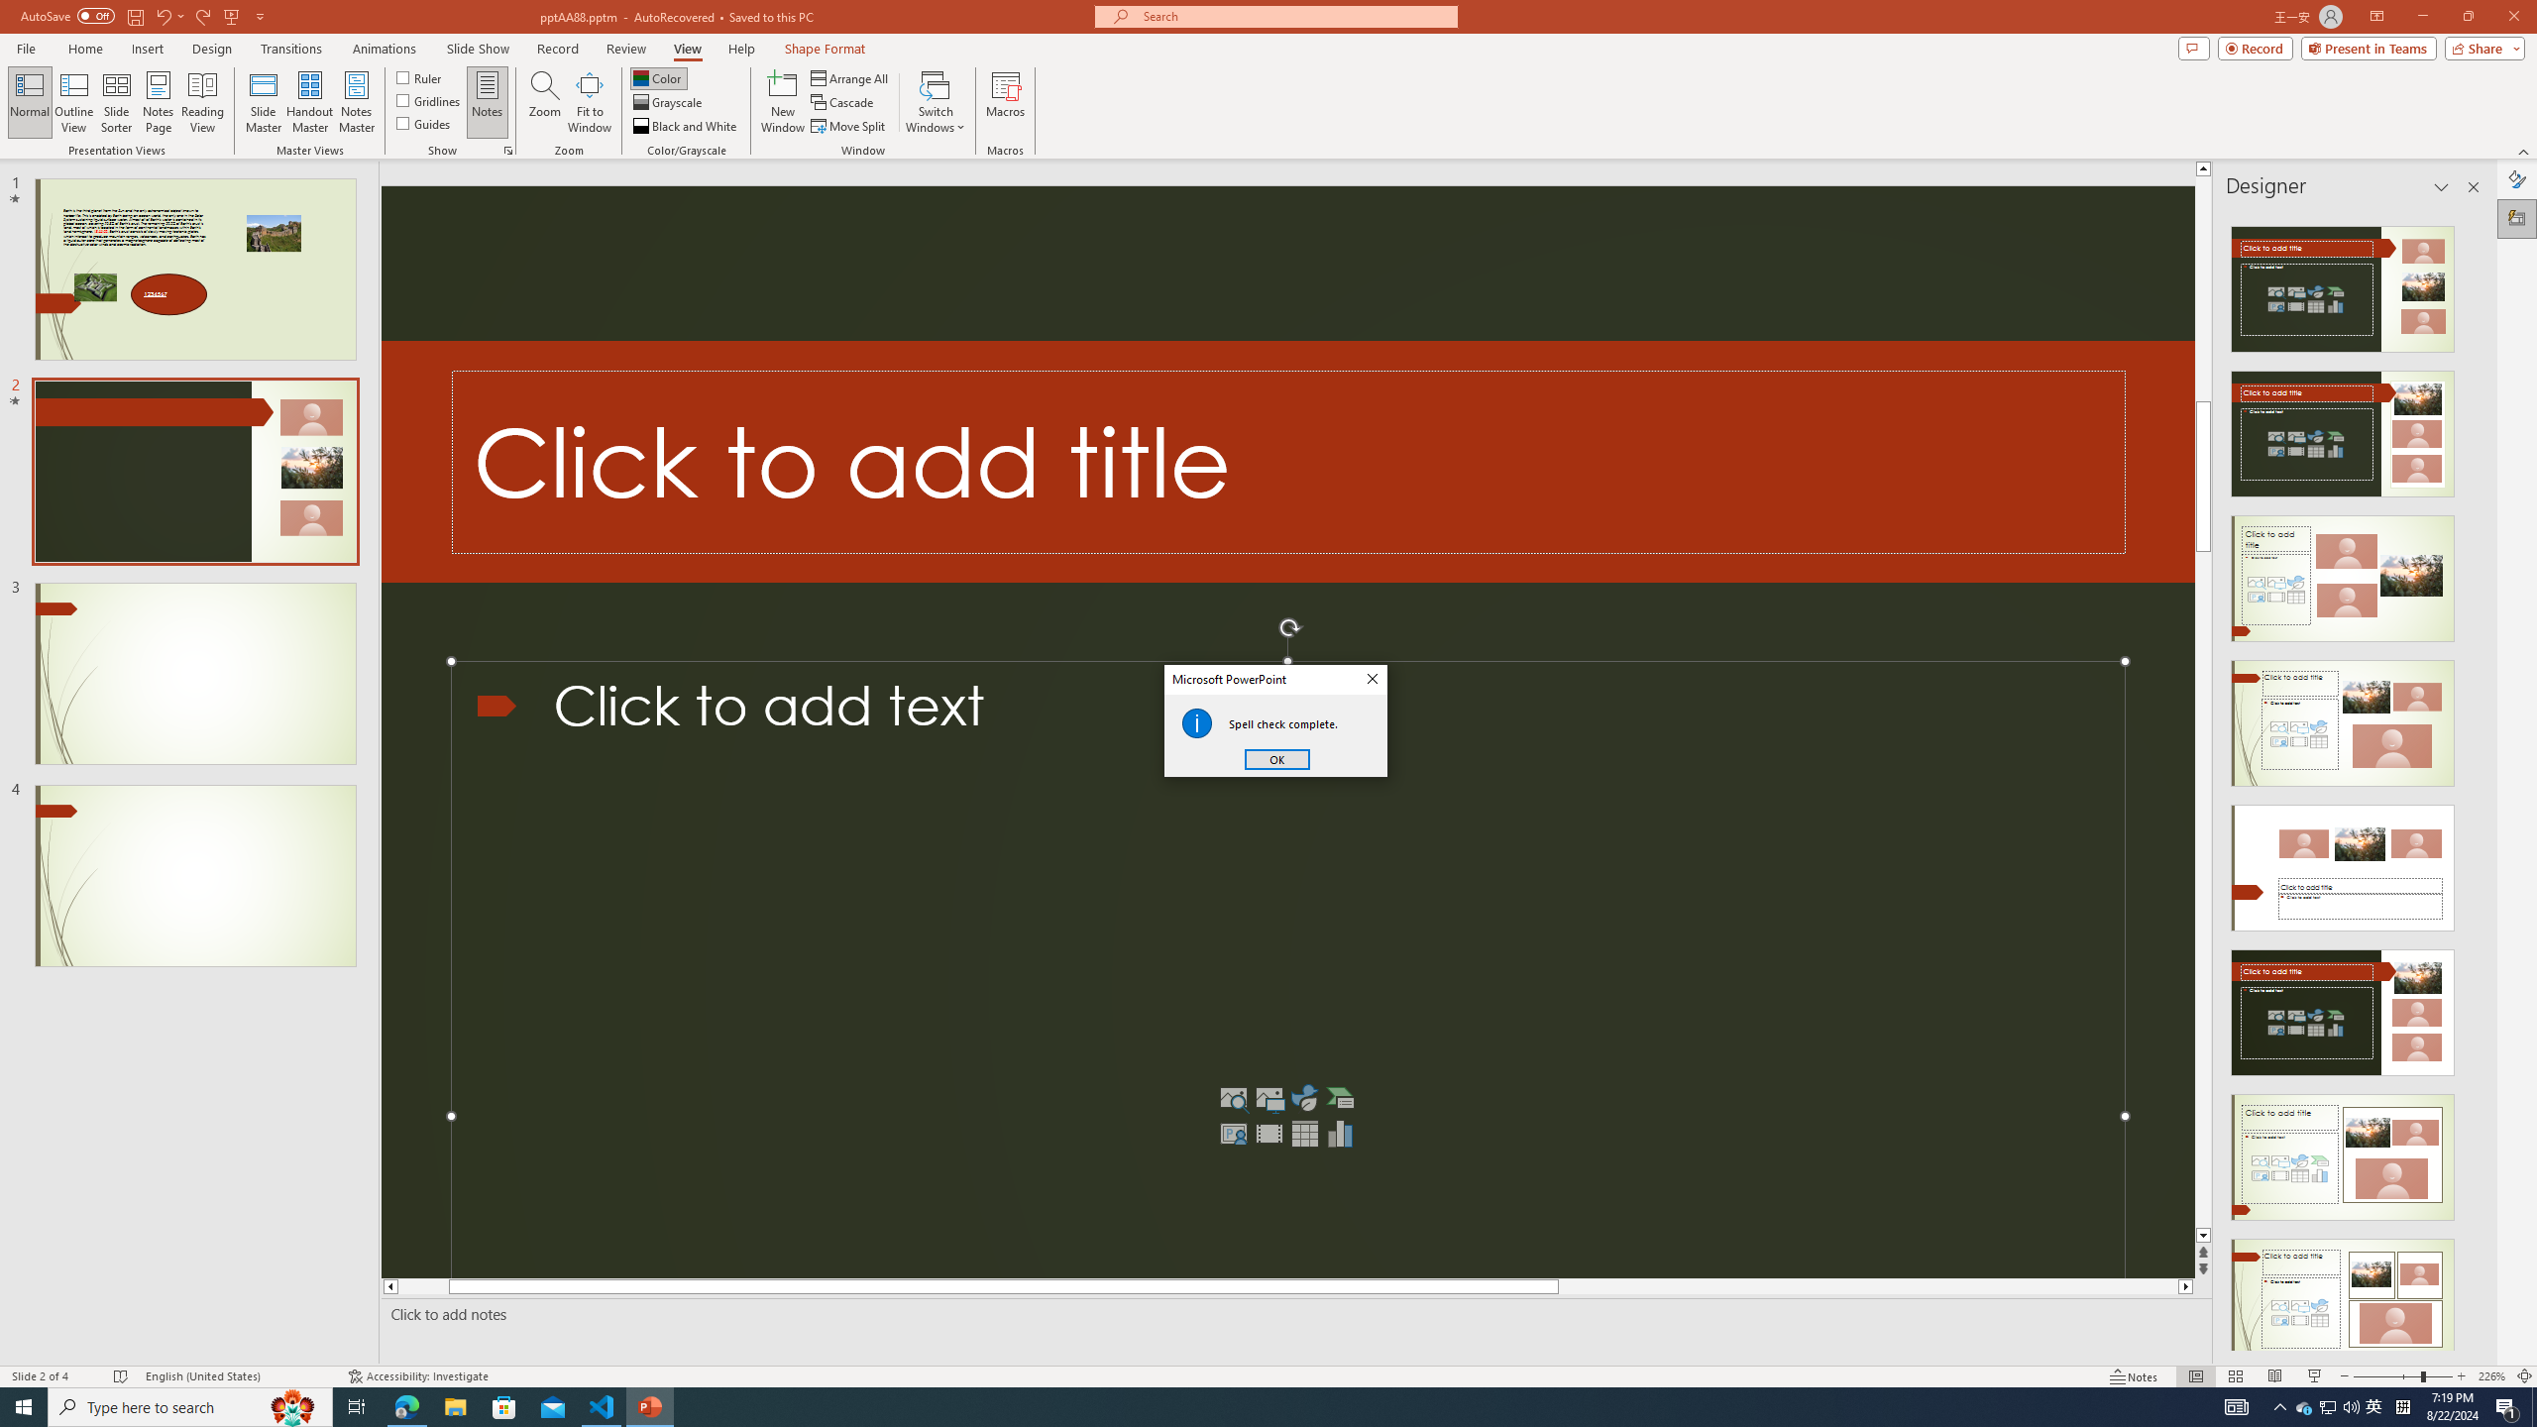 Image resolution: width=2537 pixels, height=1427 pixels. What do you see at coordinates (1304, 1134) in the screenshot?
I see `'Insert Table'` at bounding box center [1304, 1134].